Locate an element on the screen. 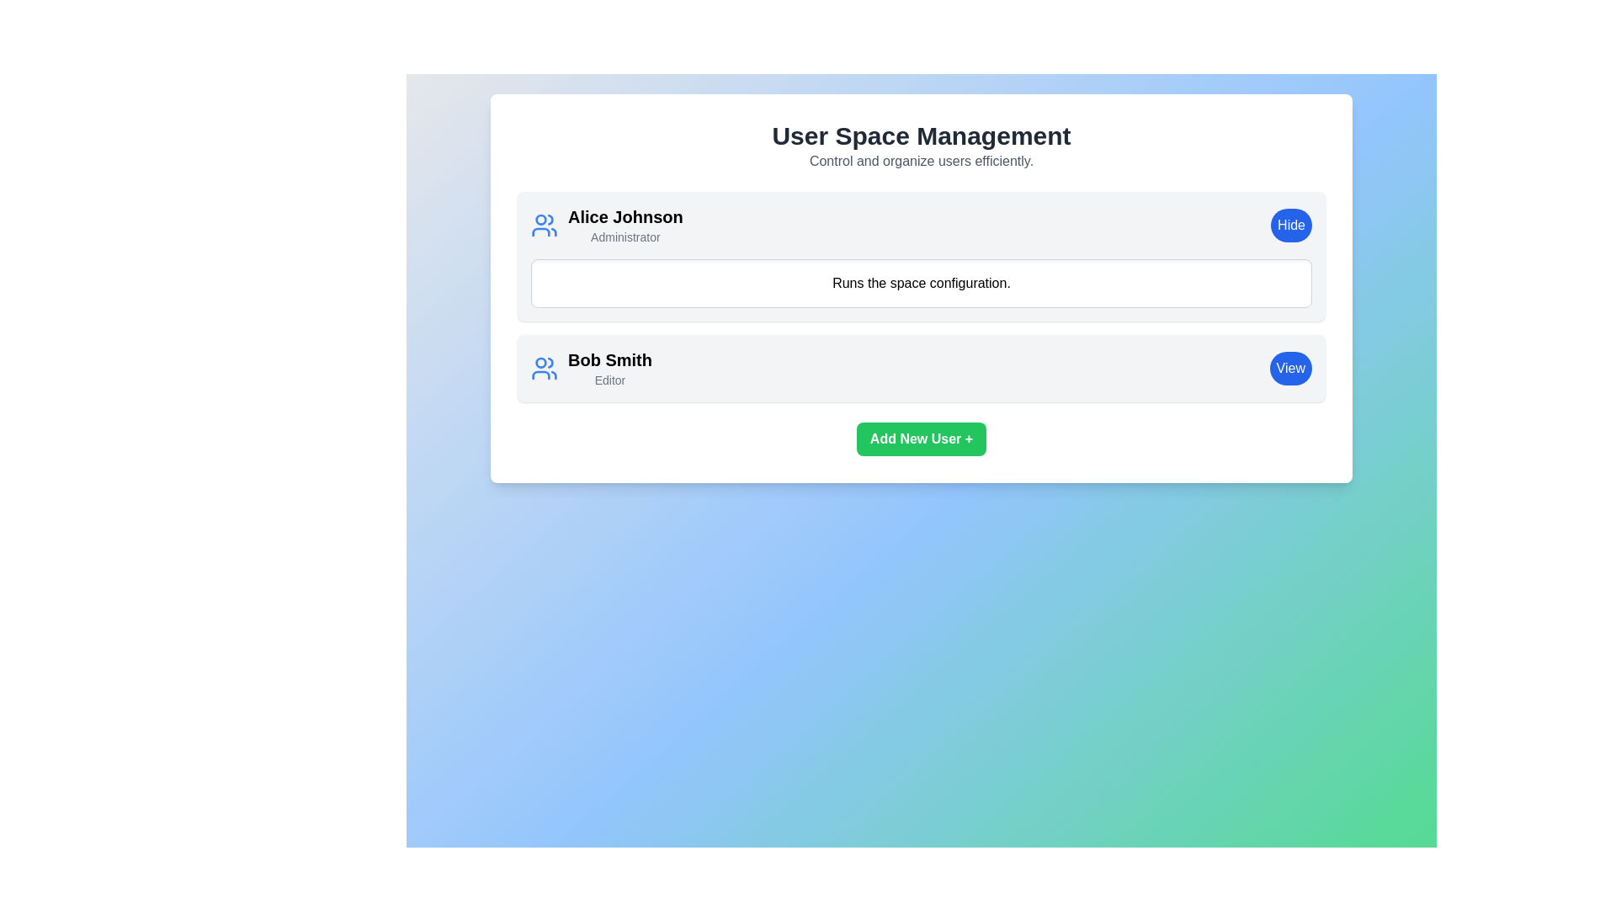 This screenshot has width=1616, height=909. information displayed in the text label showing 'Alice Johnson', which is bold and larger, located at the top-left section of the 'User Space Management' panel is located at coordinates (625, 216).